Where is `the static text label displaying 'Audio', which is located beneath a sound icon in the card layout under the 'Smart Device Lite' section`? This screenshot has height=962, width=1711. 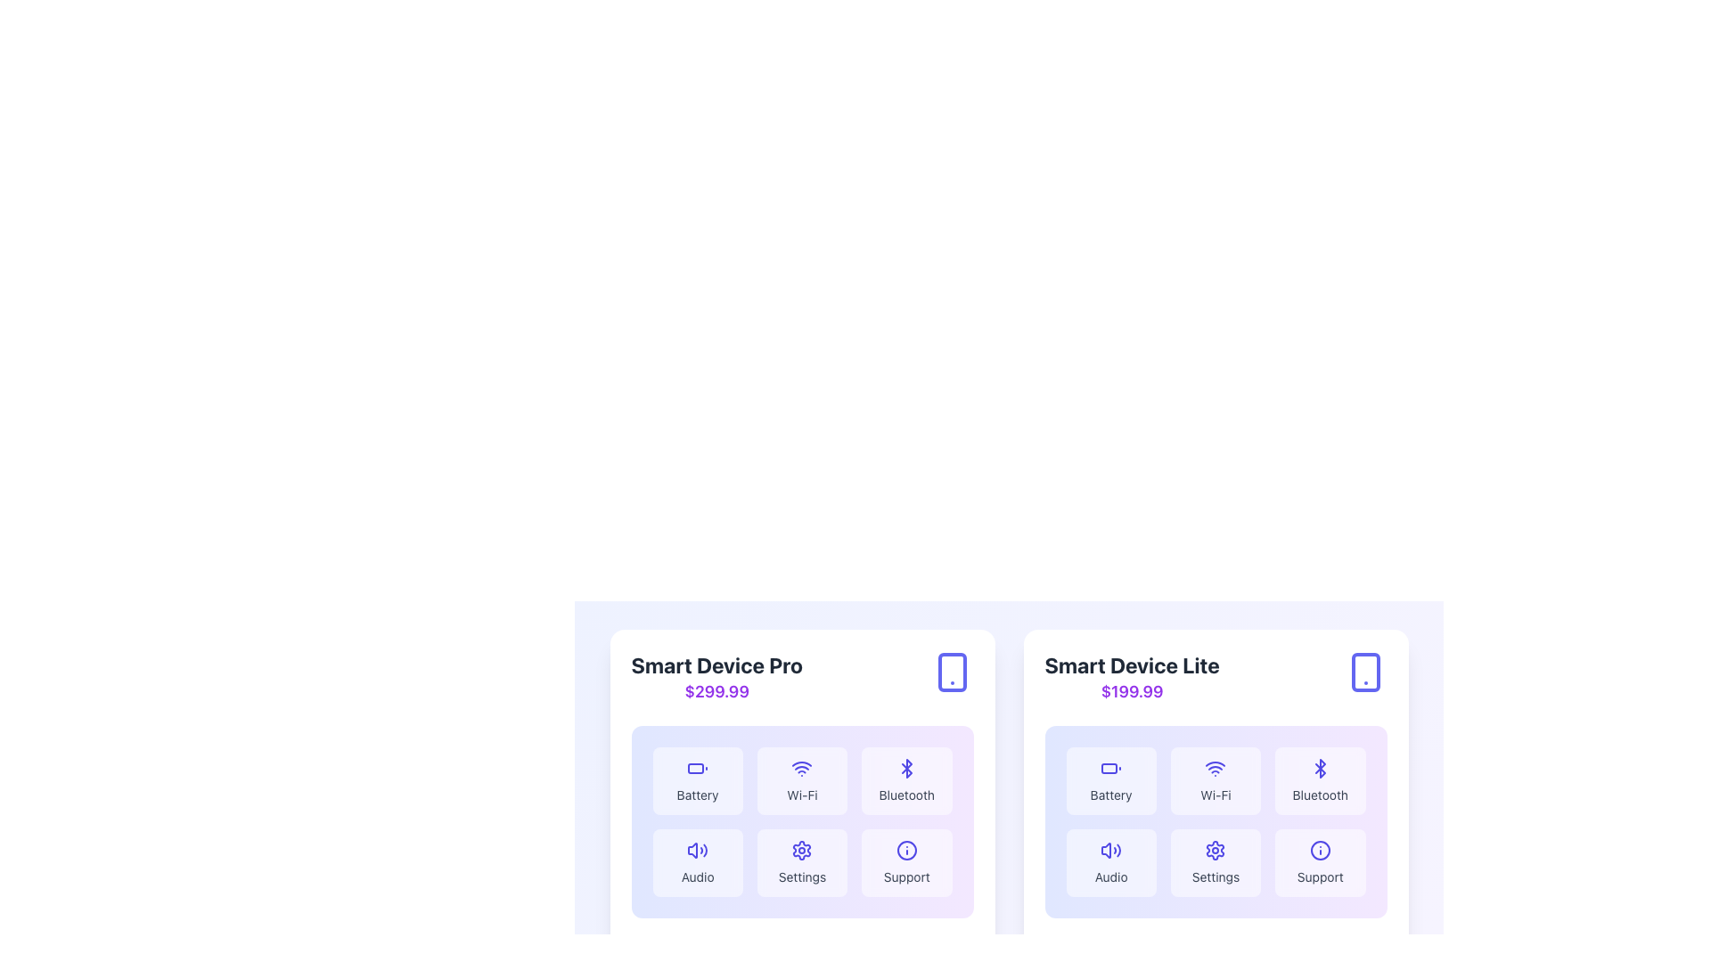
the static text label displaying 'Audio', which is located beneath a sound icon in the card layout under the 'Smart Device Lite' section is located at coordinates (697, 876).